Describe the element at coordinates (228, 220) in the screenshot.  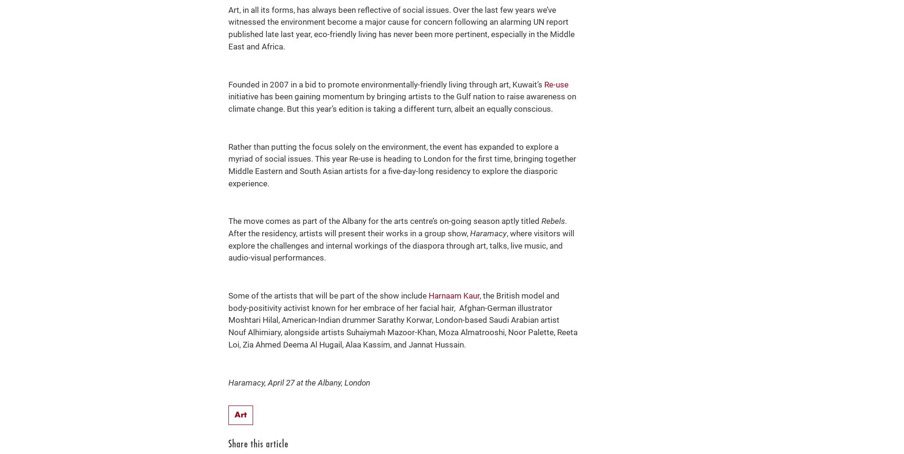
I see `'The move comes as part of the Albany for the arts centre’s on-going season aptly titled'` at that location.